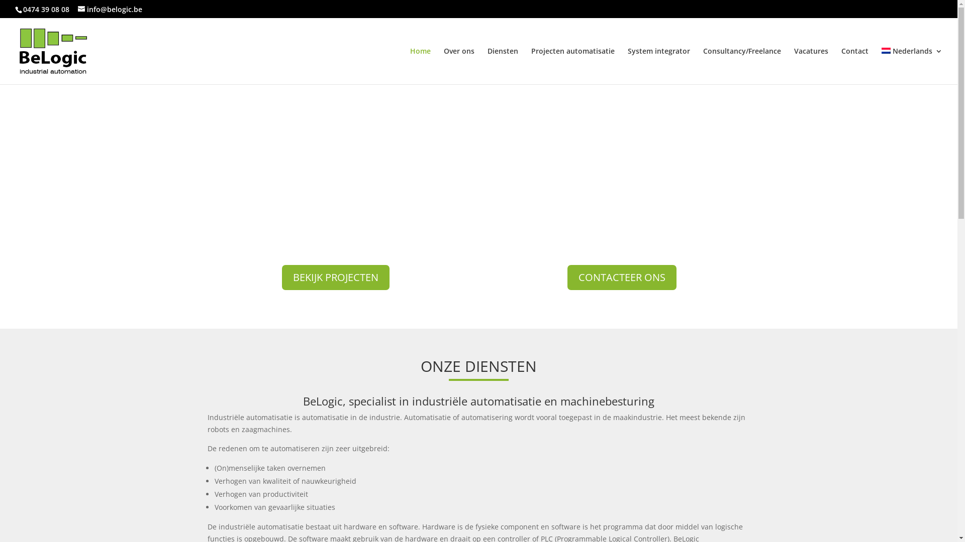  Describe the element at coordinates (912, 66) in the screenshot. I see `'Nederlands'` at that location.